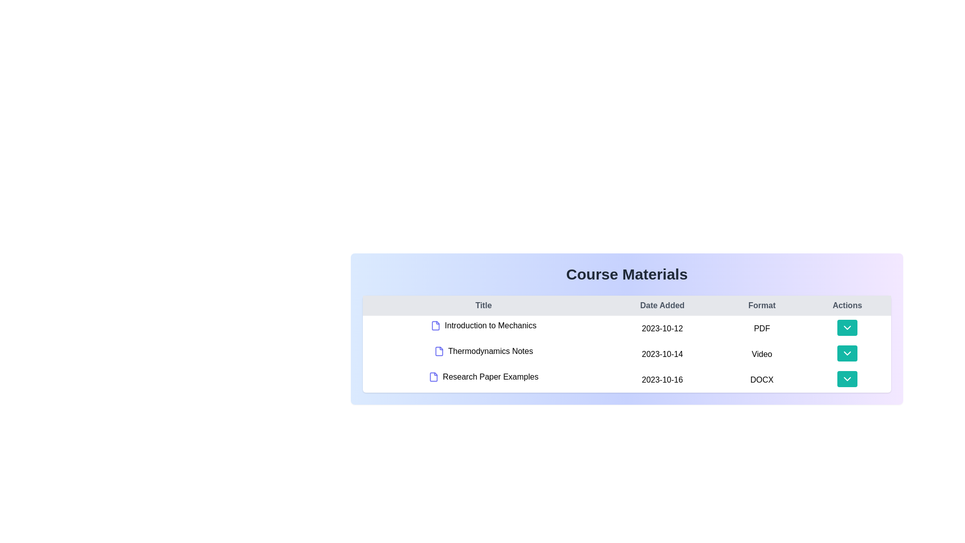 This screenshot has height=543, width=965. I want to click on the teal-colored rounded button icon in the 'Actions' column of the third row in the 'Course Materials' table, so click(846, 379).